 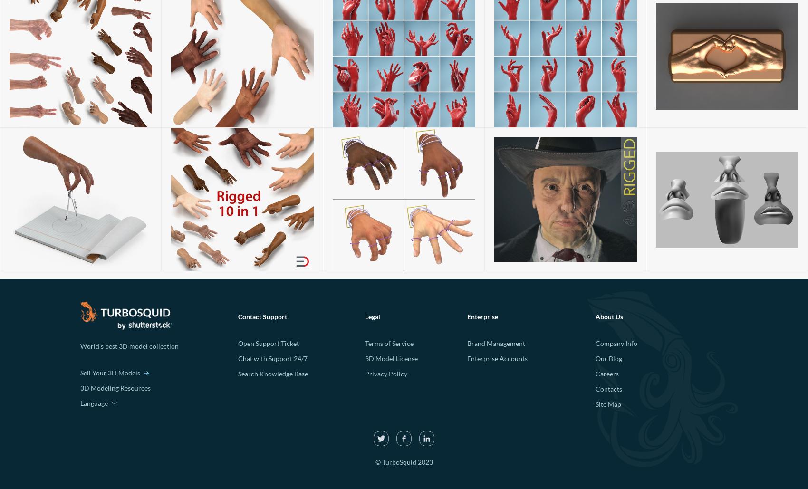 What do you see at coordinates (496, 358) in the screenshot?
I see `'Enterprise Accounts'` at bounding box center [496, 358].